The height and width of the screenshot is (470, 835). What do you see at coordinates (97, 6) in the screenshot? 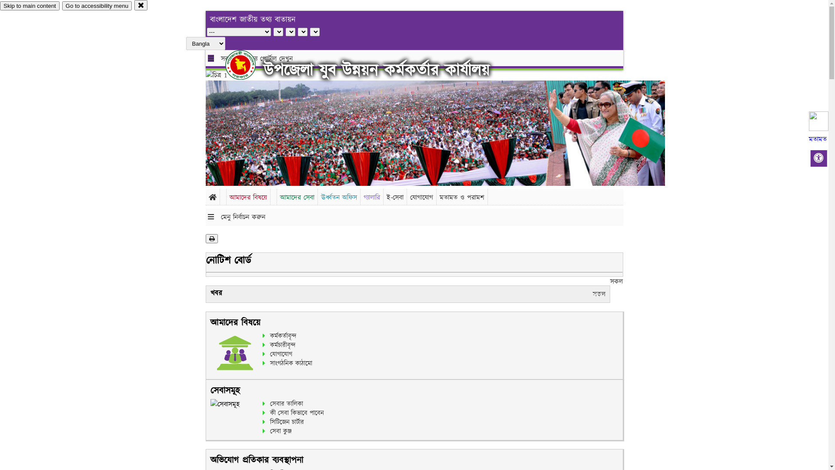
I see `'Go to accessibility menu'` at bounding box center [97, 6].